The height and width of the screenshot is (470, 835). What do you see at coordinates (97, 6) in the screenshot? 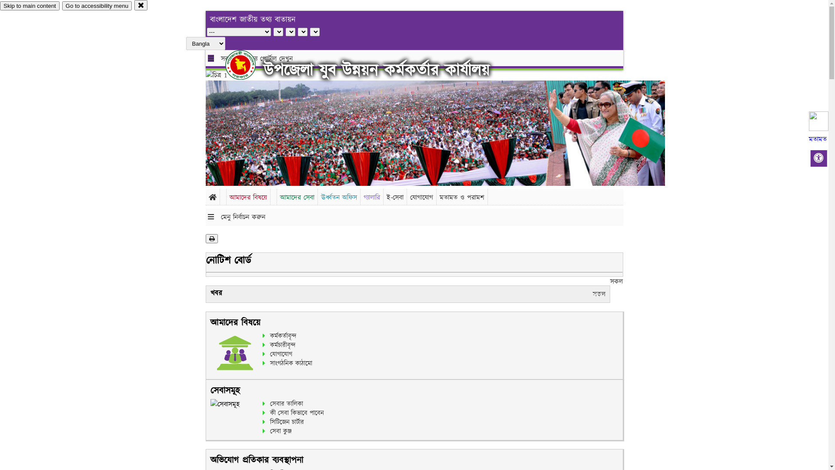
I see `'Go to accessibility menu'` at bounding box center [97, 6].